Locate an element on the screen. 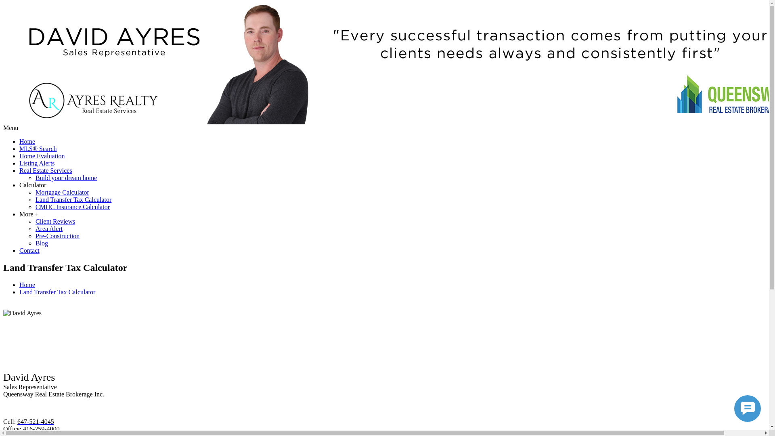 The height and width of the screenshot is (436, 775). 'Contact' is located at coordinates (29, 250).